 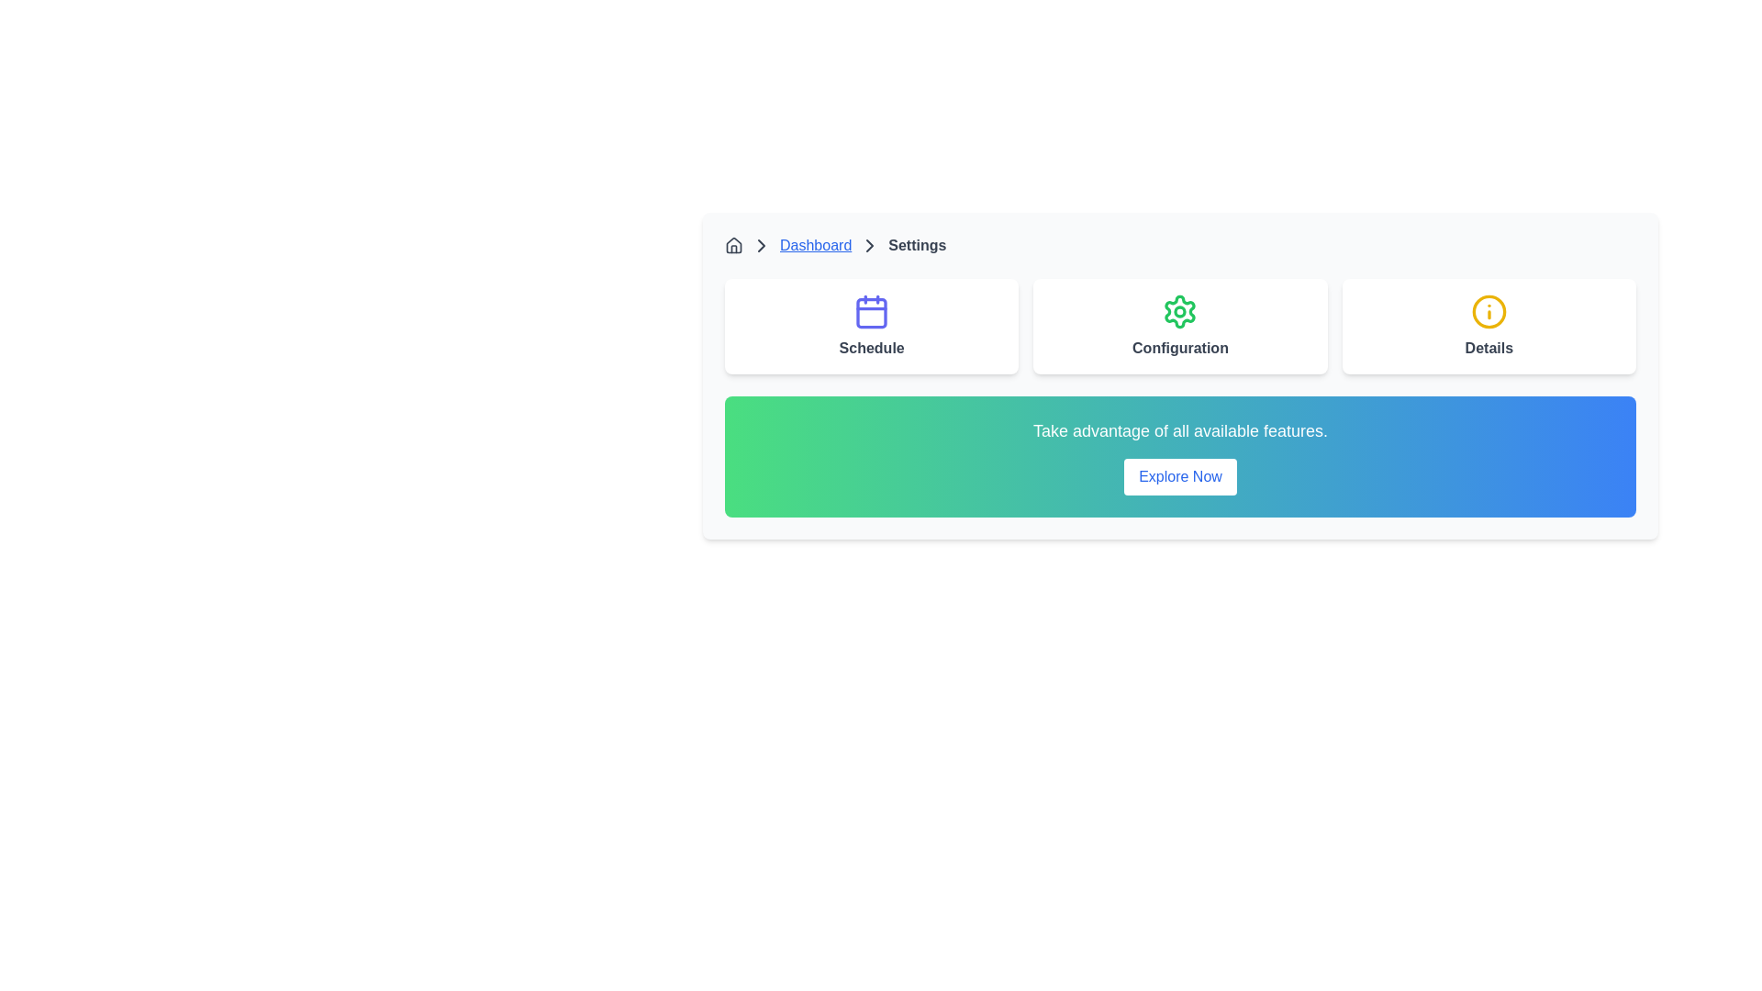 What do you see at coordinates (1180, 310) in the screenshot?
I see `the Circle element within the gear icon, which symbolizes configuration or settings, located at the center of the gear-like SVG icon in the configuration card` at bounding box center [1180, 310].